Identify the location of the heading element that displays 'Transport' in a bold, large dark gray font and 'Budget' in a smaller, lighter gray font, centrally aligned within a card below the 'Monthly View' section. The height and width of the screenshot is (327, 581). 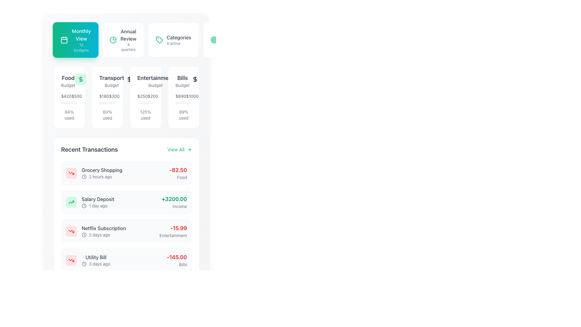
(112, 81).